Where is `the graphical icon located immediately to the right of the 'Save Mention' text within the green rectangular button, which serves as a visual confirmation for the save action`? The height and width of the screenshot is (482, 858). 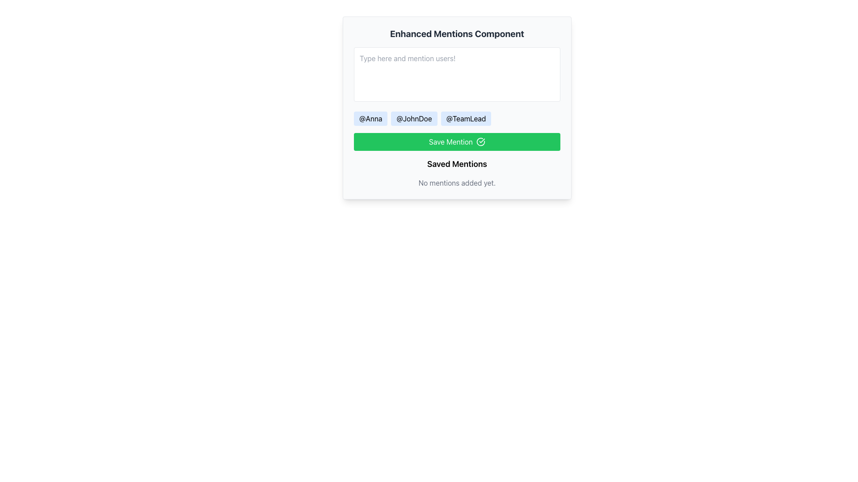
the graphical icon located immediately to the right of the 'Save Mention' text within the green rectangular button, which serves as a visual confirmation for the save action is located at coordinates (480, 141).